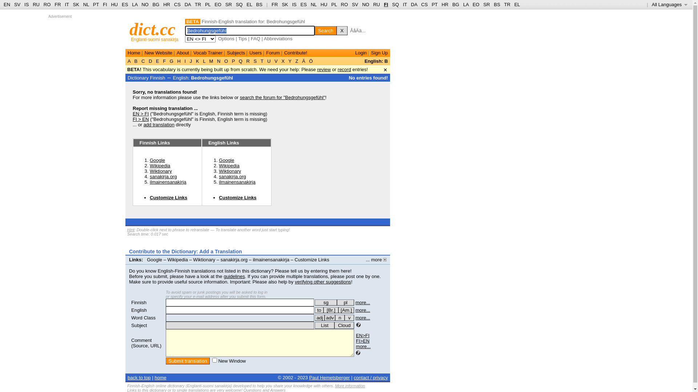 This screenshot has width=698, height=392. Describe the element at coordinates (330, 310) in the screenshot. I see `'(esp.) British English'` at that location.